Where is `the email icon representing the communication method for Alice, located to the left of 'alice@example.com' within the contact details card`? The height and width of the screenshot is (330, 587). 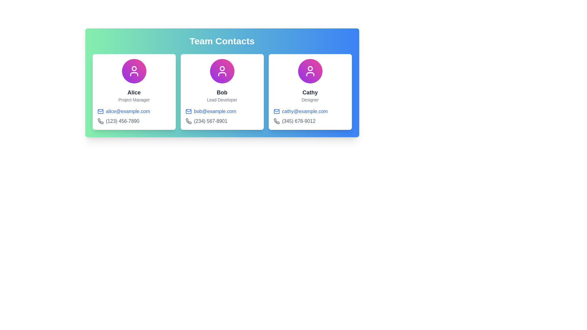
the email icon representing the communication method for Alice, located to the left of 'alice@example.com' within the contact details card is located at coordinates (100, 112).